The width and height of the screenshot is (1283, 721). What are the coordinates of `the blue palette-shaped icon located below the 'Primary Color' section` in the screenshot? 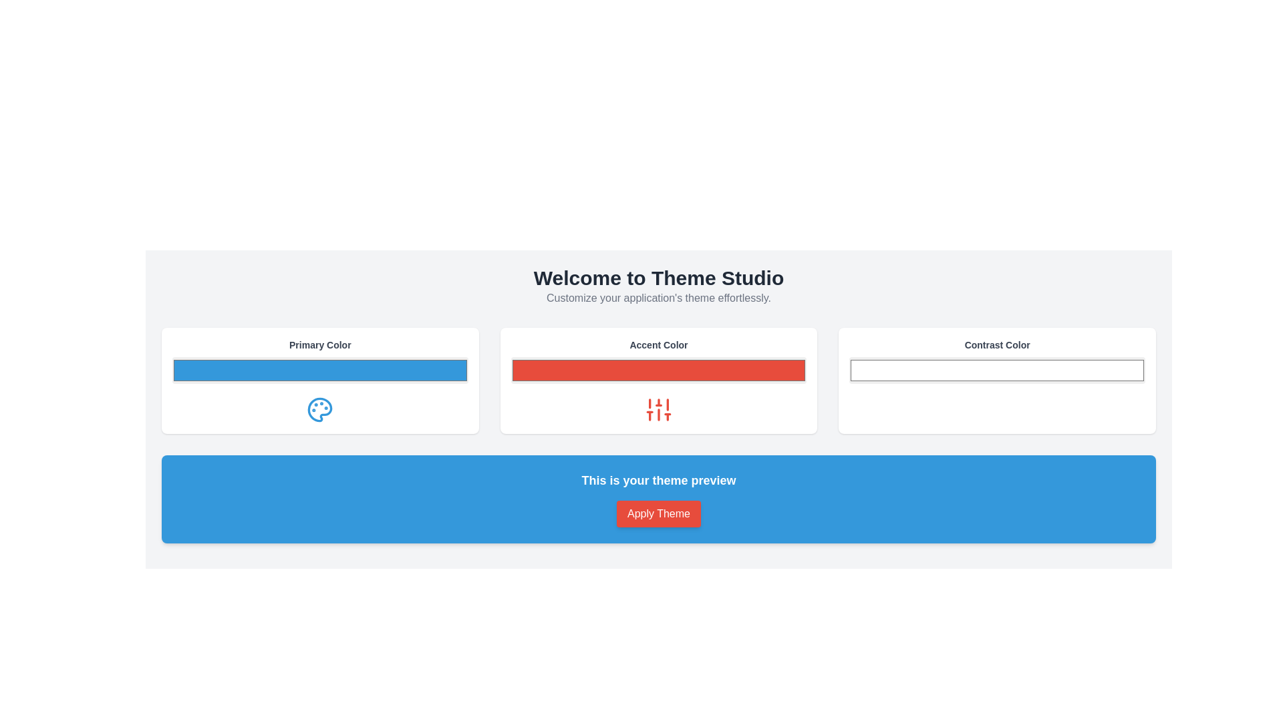 It's located at (319, 409).